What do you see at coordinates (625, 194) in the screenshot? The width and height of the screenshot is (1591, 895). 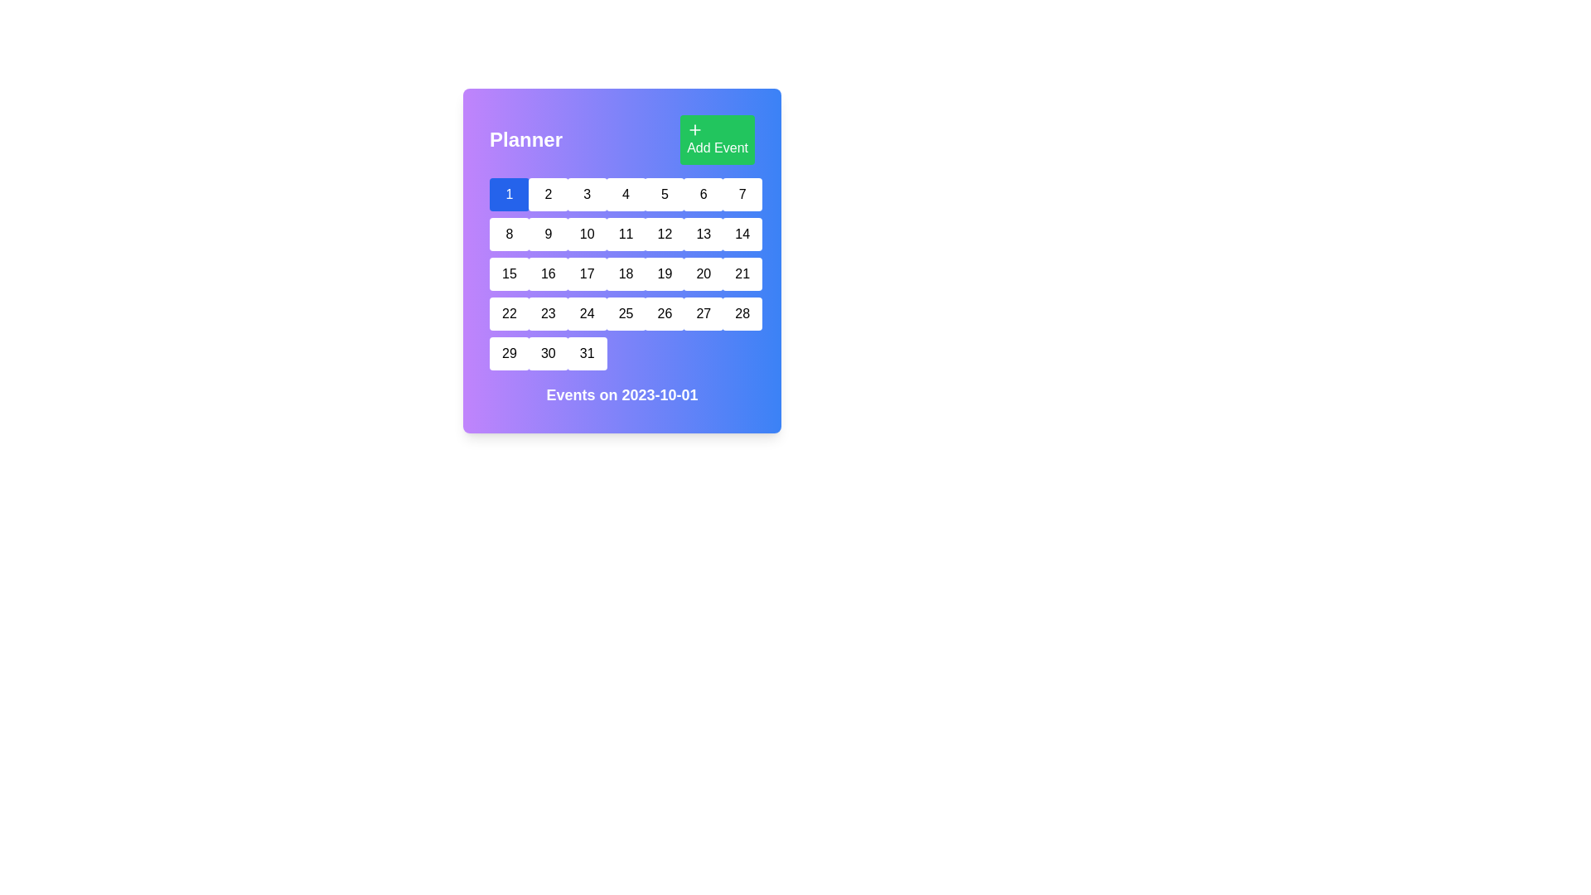 I see `the button for selecting the day '4'` at bounding box center [625, 194].